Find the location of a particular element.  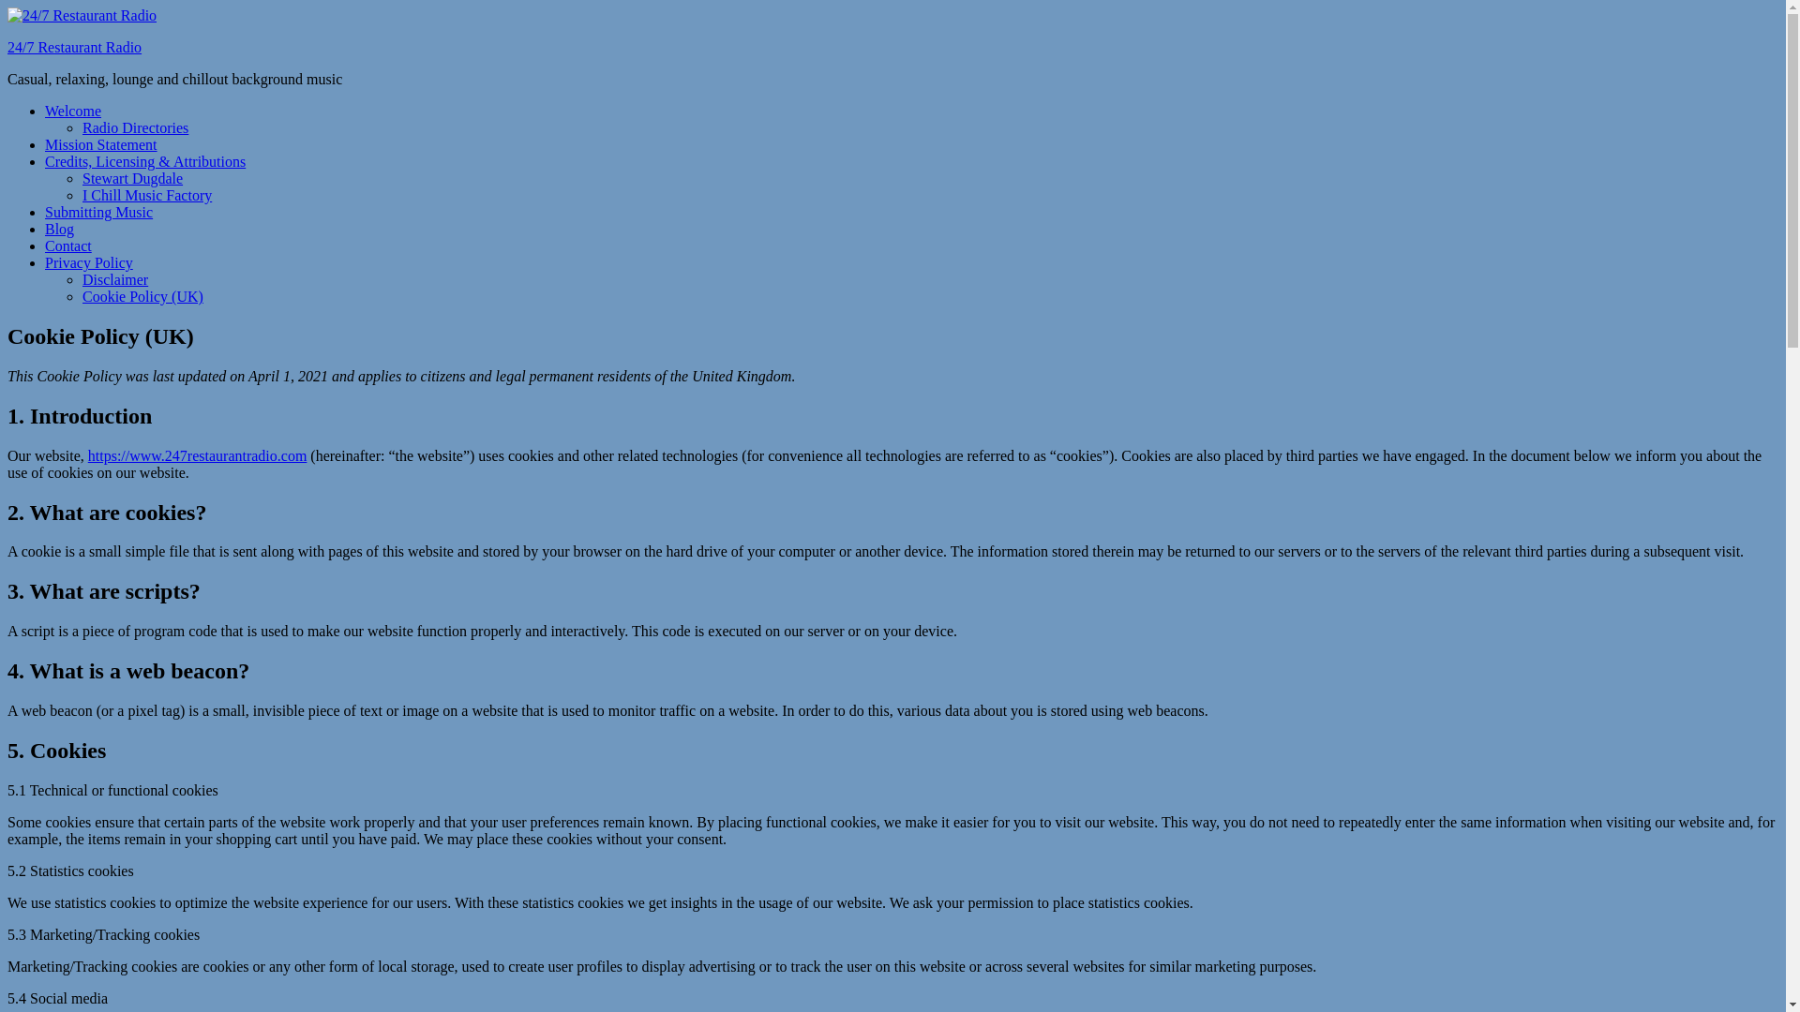

'Skip to content' is located at coordinates (7, 7).